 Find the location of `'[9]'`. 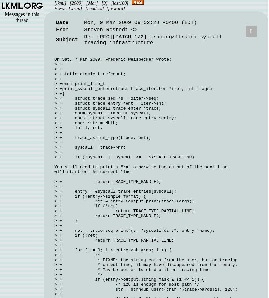

'[9]' is located at coordinates (104, 3).